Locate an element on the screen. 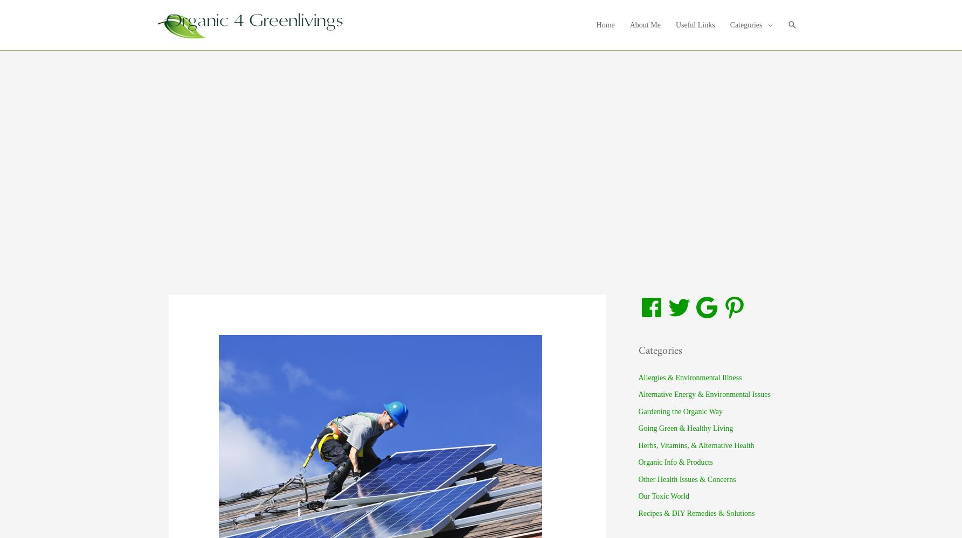 The width and height of the screenshot is (962, 538). 'Going Green & Healthy Living' is located at coordinates (637, 428).